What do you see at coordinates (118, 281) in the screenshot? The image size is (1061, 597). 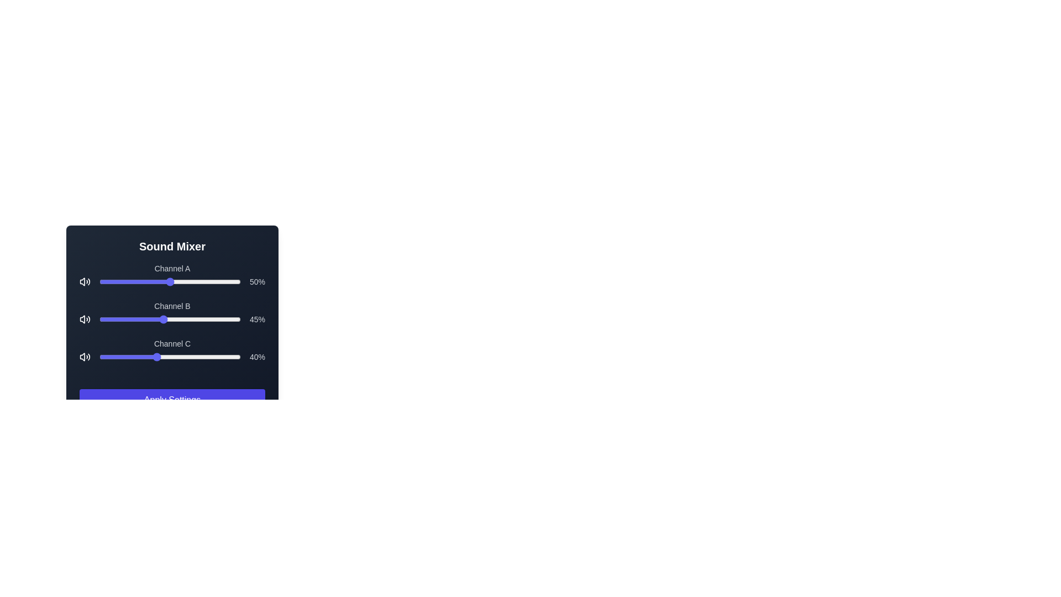 I see `the volume` at bounding box center [118, 281].